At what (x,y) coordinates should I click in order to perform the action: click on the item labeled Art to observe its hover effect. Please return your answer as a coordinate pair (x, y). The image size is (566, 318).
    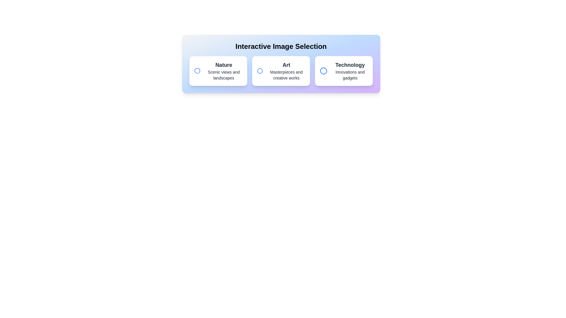
    Looking at the image, I should click on (281, 70).